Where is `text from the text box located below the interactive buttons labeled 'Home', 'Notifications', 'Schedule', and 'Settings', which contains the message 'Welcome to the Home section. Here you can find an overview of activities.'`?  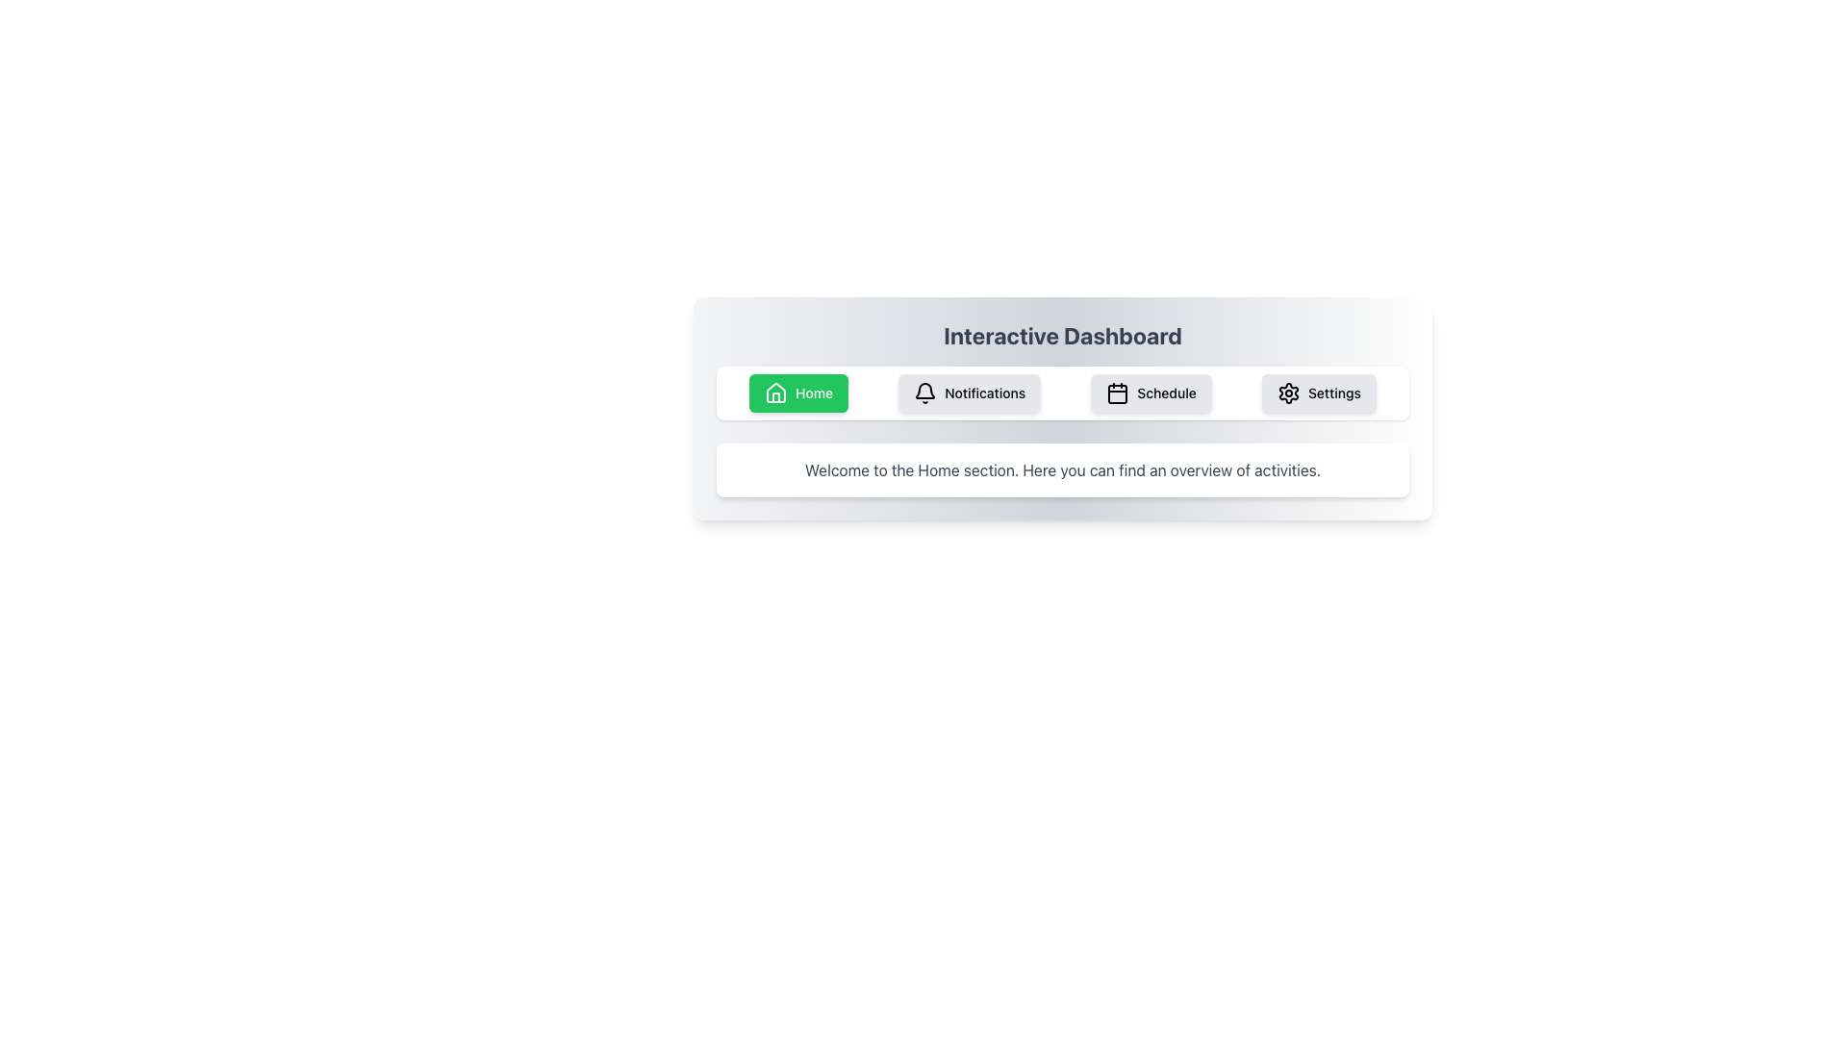 text from the text box located below the interactive buttons labeled 'Home', 'Notifications', 'Schedule', and 'Settings', which contains the message 'Welcome to the Home section. Here you can find an overview of activities.' is located at coordinates (1061, 470).